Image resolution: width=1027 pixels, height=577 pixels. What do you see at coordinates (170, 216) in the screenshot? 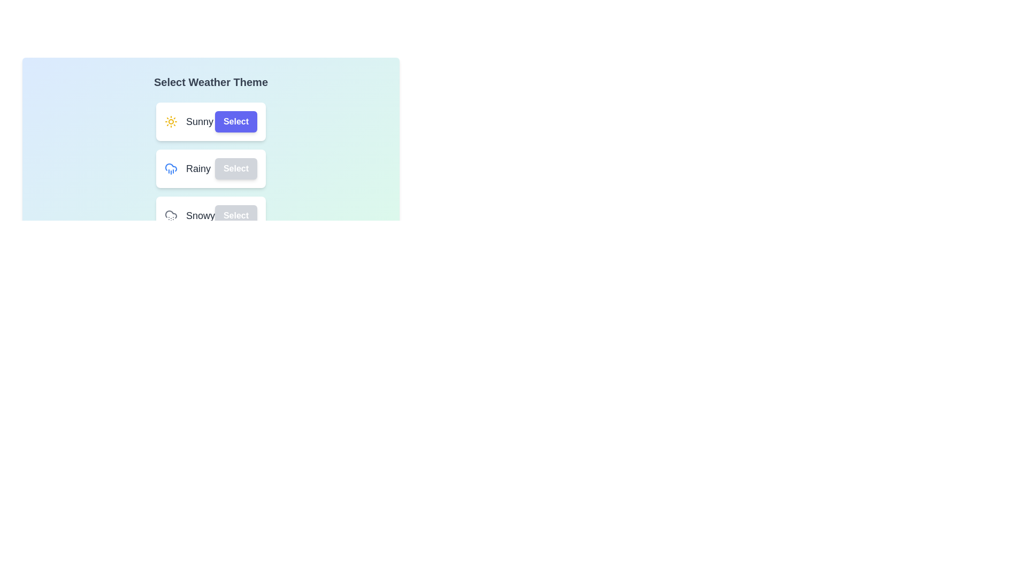
I see `the icon for the snowy weather theme` at bounding box center [170, 216].